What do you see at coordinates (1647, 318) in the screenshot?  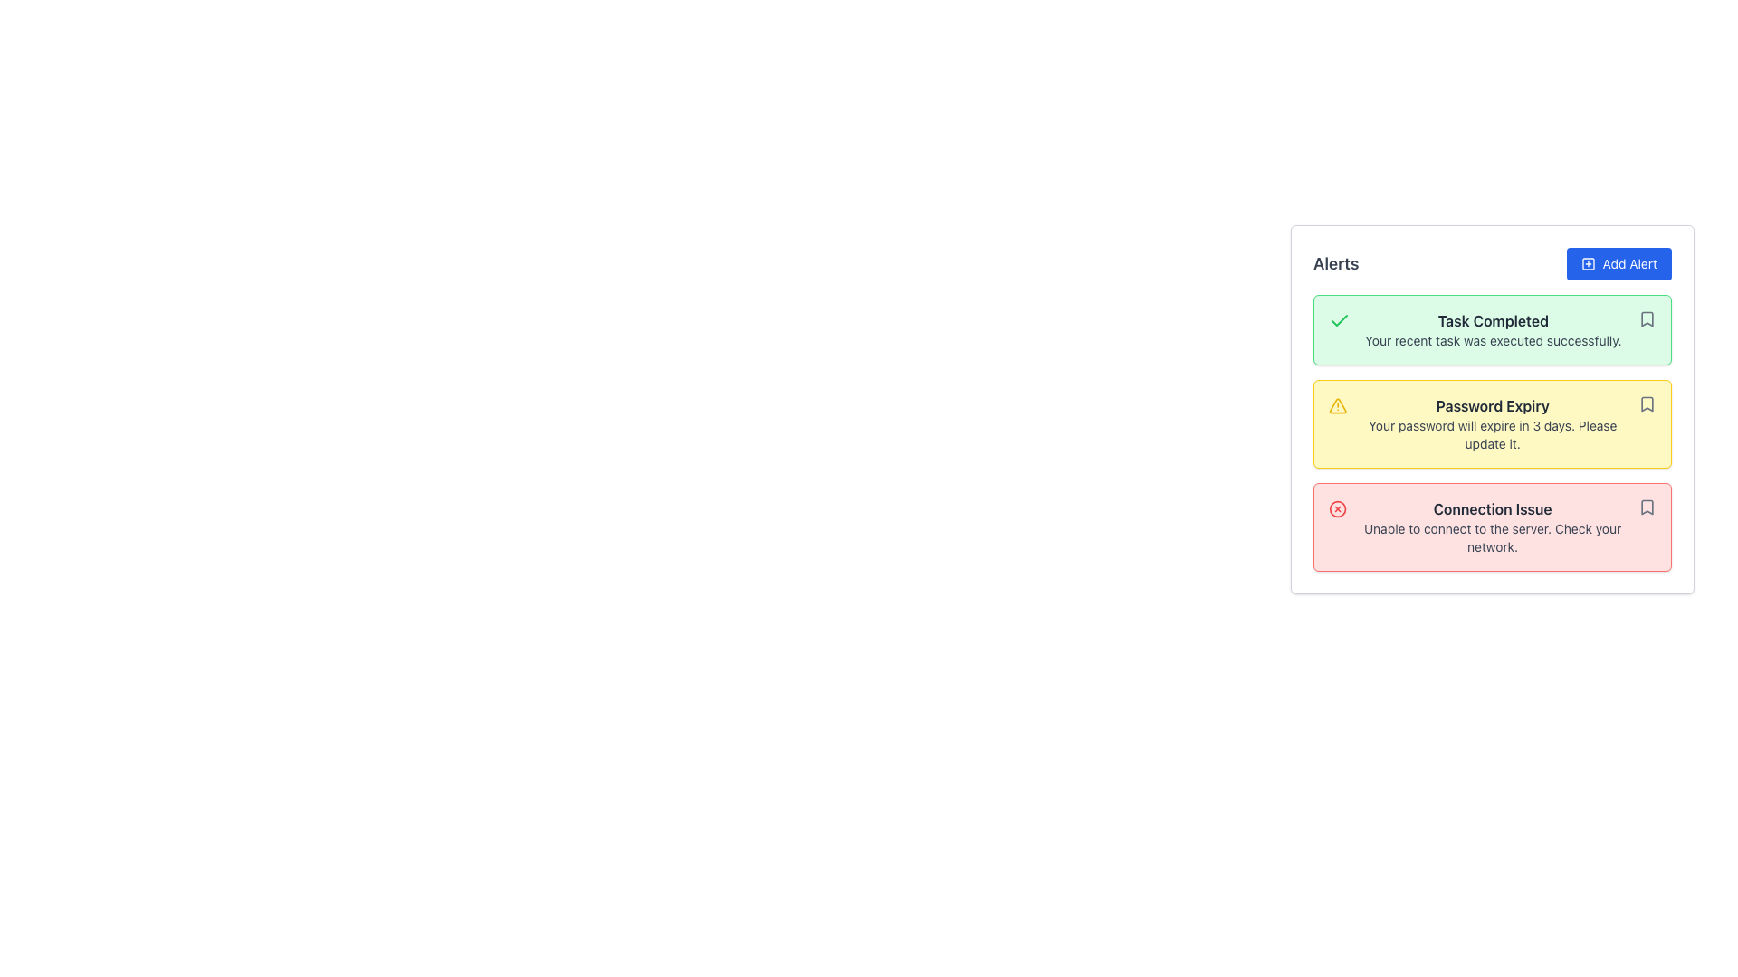 I see `the bookmark icon located at the top-right corner of the 'Task Completed' notification card` at bounding box center [1647, 318].